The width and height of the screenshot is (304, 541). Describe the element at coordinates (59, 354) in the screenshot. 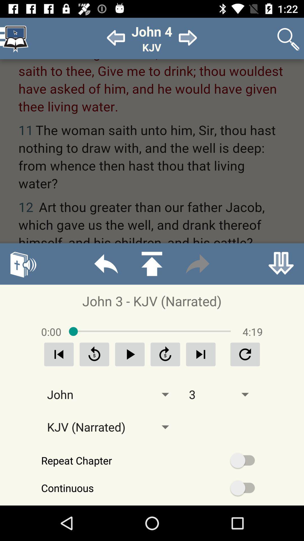

I see `previous` at that location.